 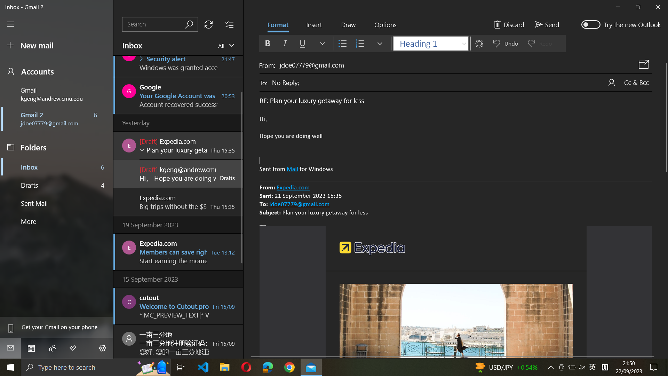 I want to click on View all mails in the inbox, so click(x=227, y=45).